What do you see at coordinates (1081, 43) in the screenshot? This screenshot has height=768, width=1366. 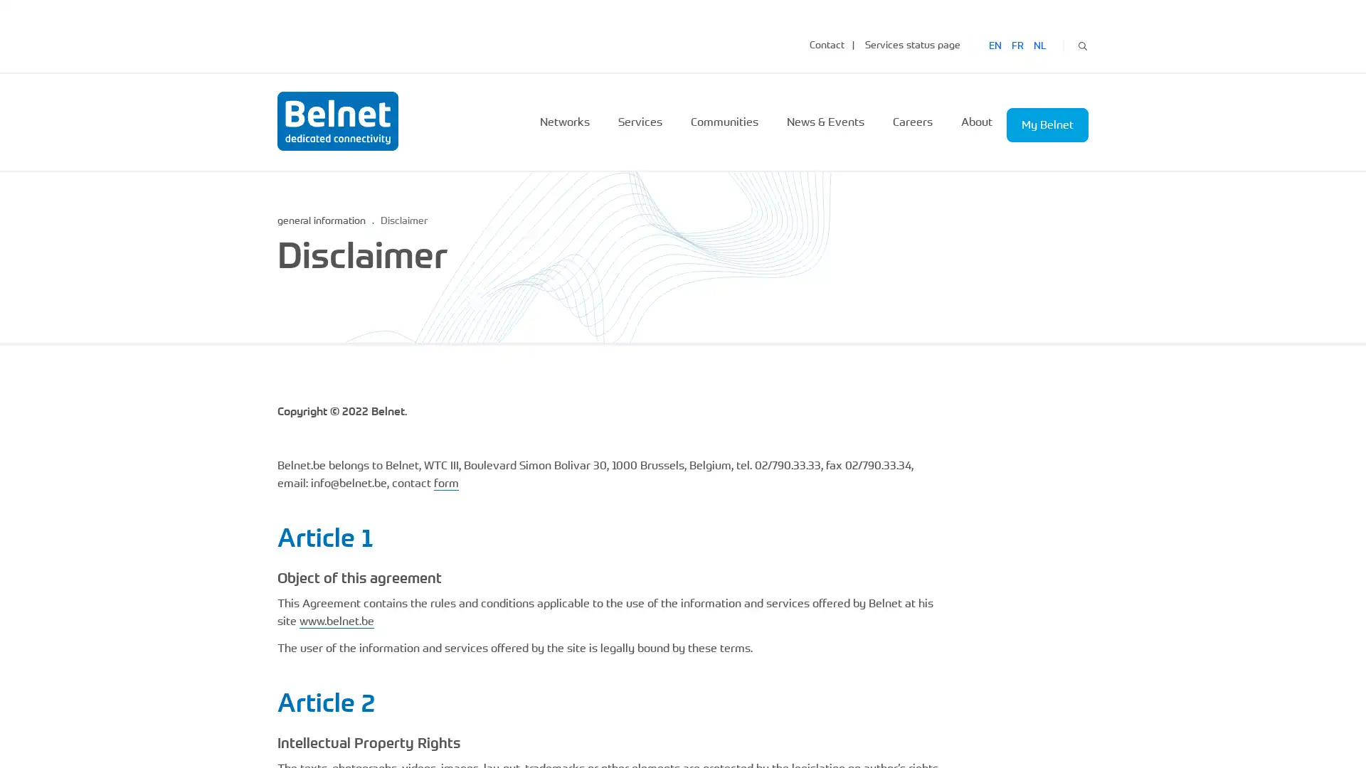 I see `Search` at bounding box center [1081, 43].